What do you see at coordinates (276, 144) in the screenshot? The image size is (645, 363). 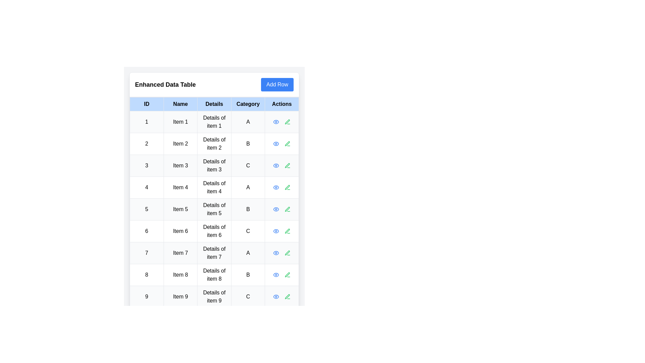 I see `the button-like icon in the 'Actions' column of the table for 'Item 2'` at bounding box center [276, 144].